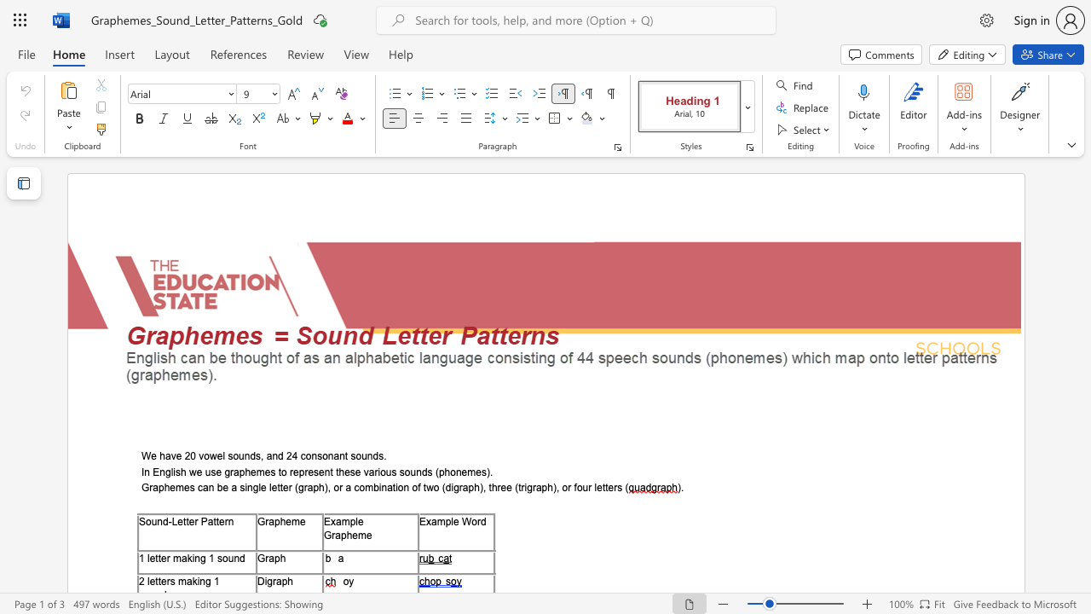 This screenshot has width=1091, height=614. What do you see at coordinates (425, 520) in the screenshot?
I see `the subset text "xample Wor" within the text "Example Word"` at bounding box center [425, 520].